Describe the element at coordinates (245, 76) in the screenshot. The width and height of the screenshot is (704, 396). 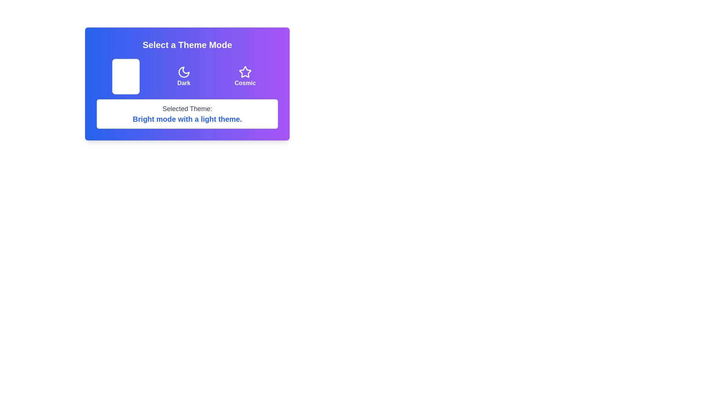
I see `the theme button to select the theme Cosmic` at that location.